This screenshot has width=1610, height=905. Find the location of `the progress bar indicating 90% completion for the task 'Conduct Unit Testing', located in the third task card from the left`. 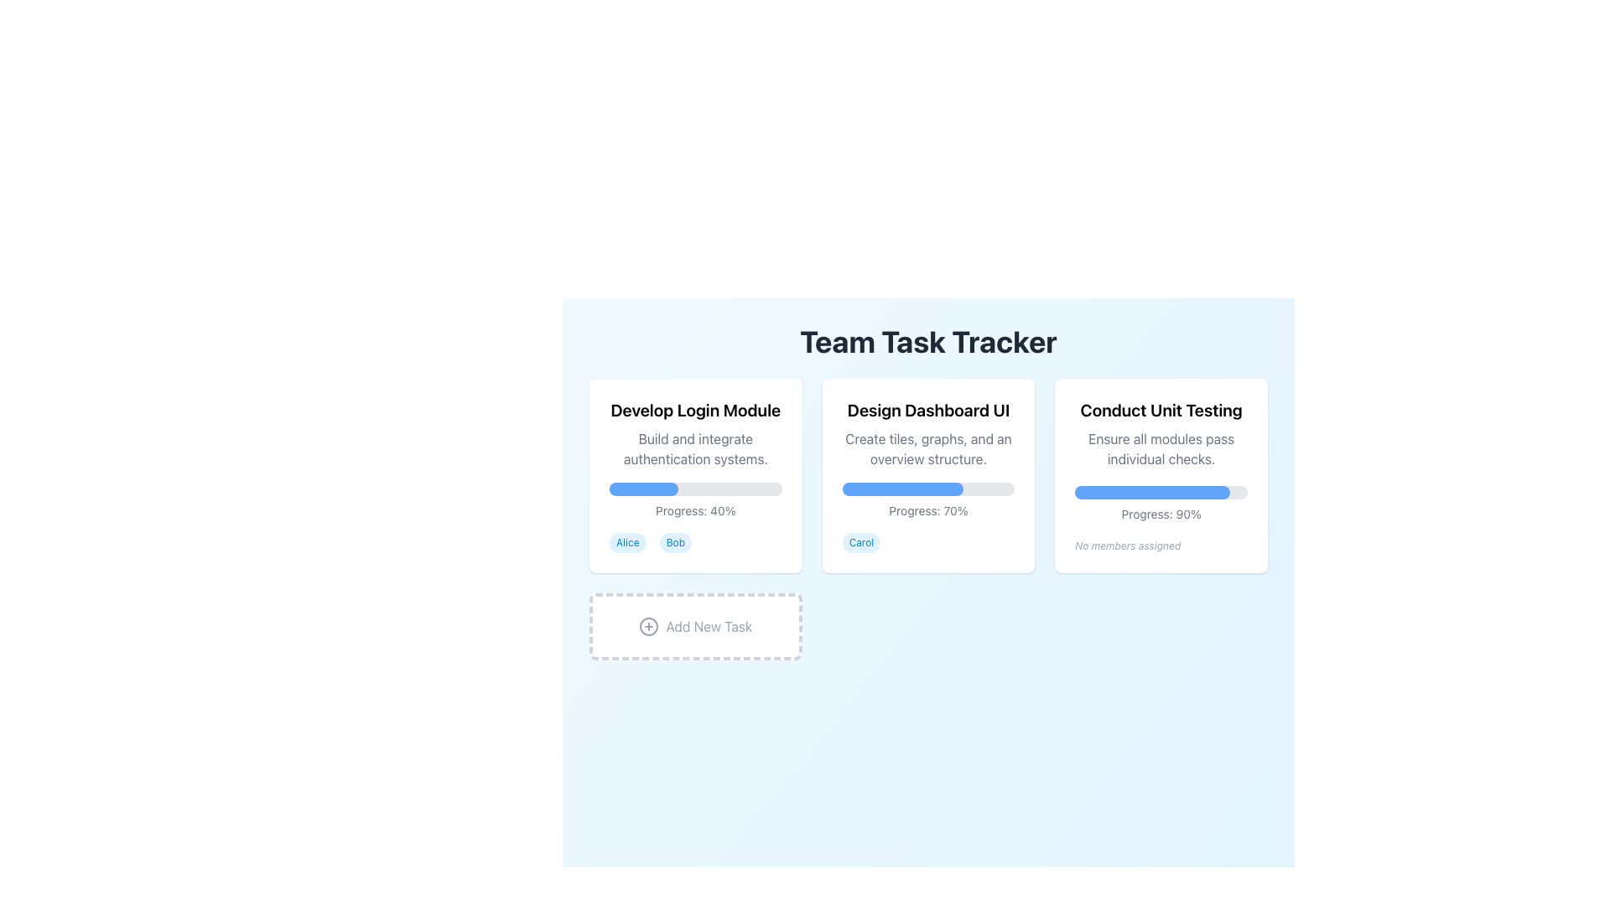

the progress bar indicating 90% completion for the task 'Conduct Unit Testing', located in the third task card from the left is located at coordinates (1151, 491).